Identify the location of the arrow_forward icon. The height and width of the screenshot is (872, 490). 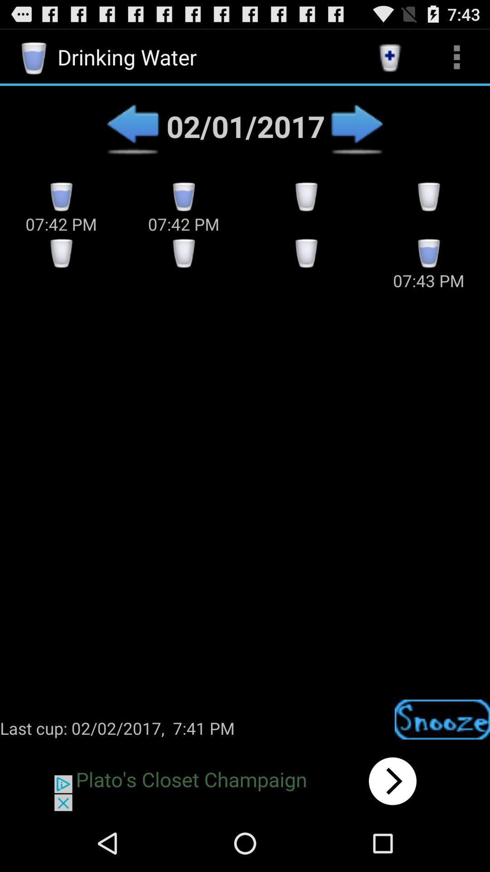
(356, 134).